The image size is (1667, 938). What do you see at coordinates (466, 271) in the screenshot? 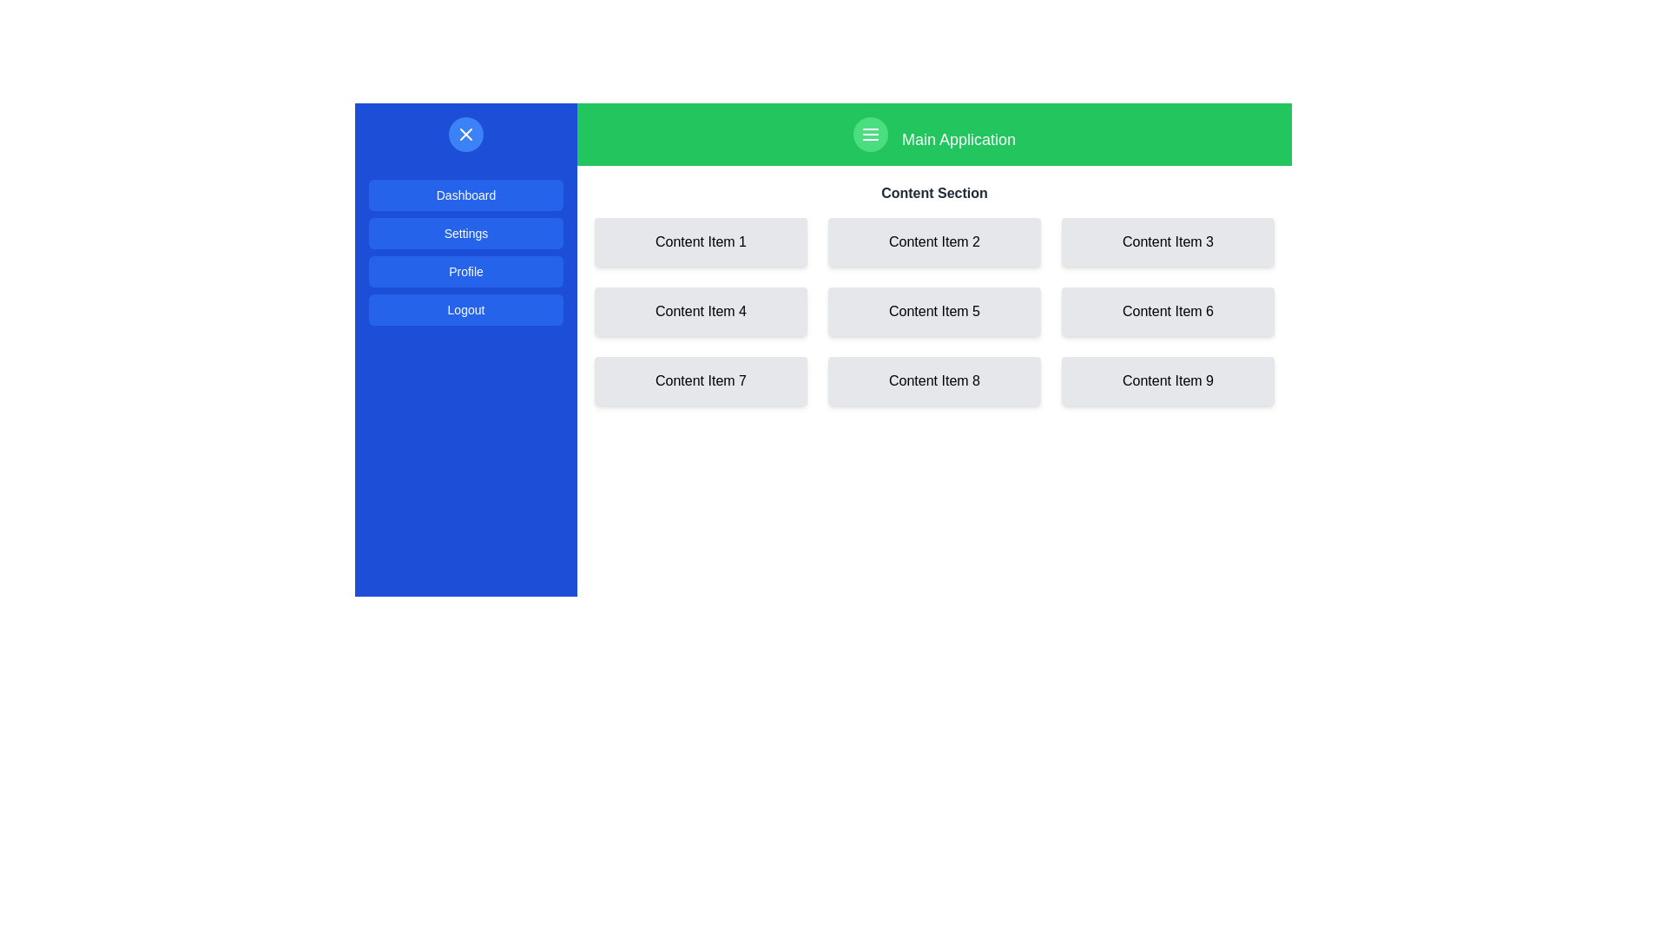
I see `the 'Profile' button, which is the third button in a vertical list on the left blue sidebar` at bounding box center [466, 271].